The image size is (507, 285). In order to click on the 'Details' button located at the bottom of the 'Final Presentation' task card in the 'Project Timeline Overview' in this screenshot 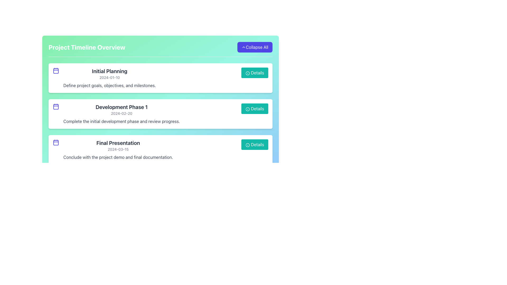, I will do `click(255, 144)`.